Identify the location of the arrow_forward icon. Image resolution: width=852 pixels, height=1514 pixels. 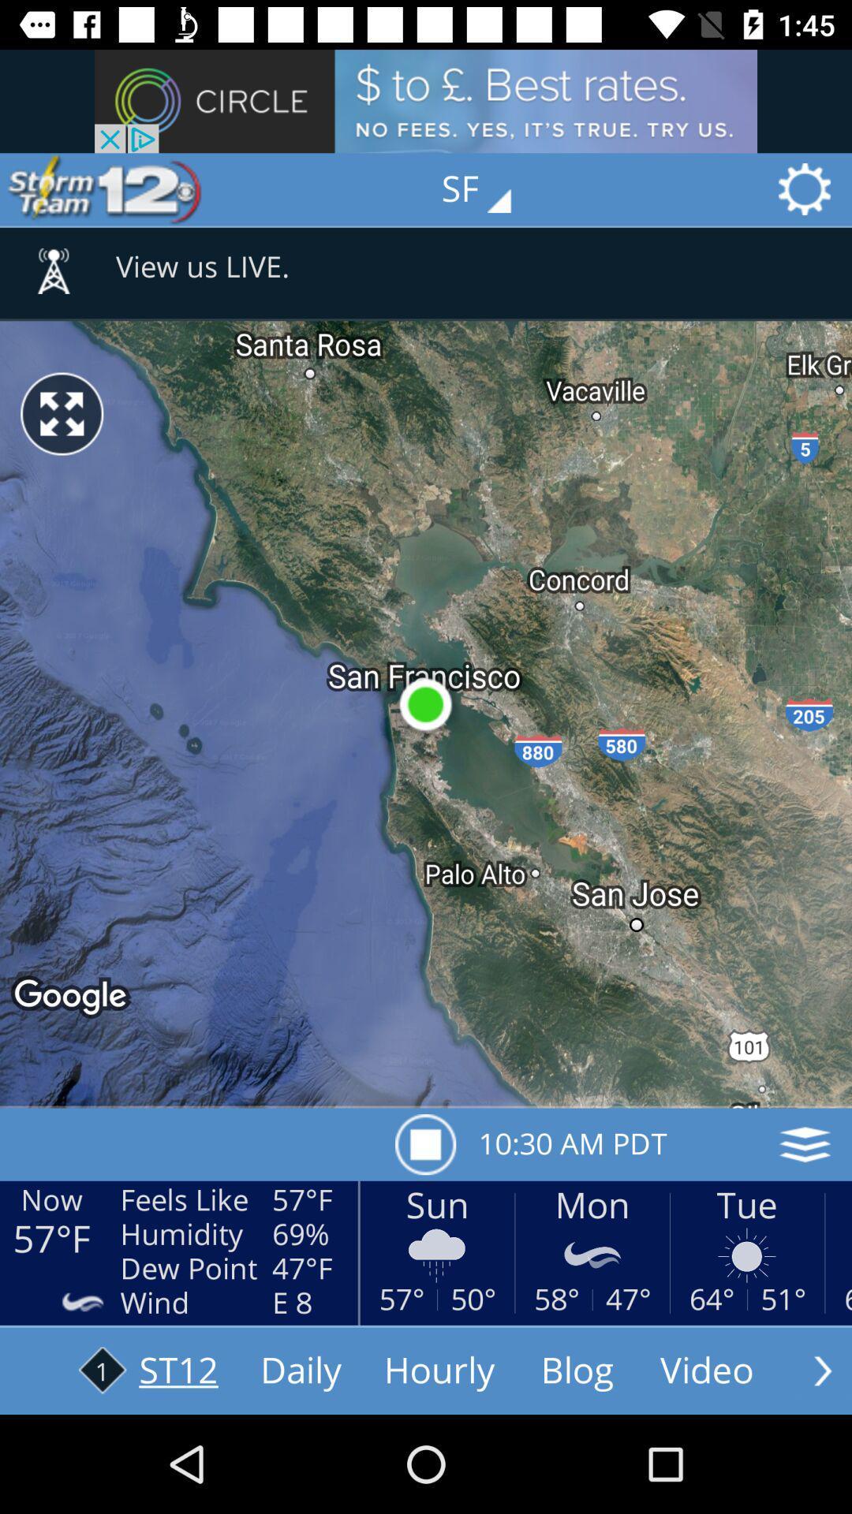
(822, 1370).